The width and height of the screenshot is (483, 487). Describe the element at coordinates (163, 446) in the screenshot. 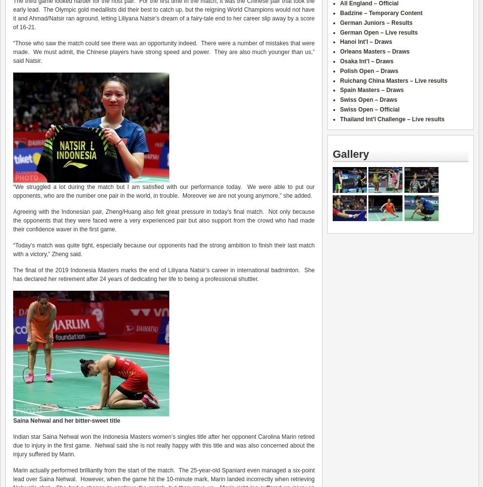

I see `'Indian star Saina Nehwal won the Indonesia Masters women’s singles title after her opponent Carolina Marin retired due to injury in the first game.  Nehwal said she is not really happy with this title and was also concerned about the injury suffered by Marin.'` at that location.